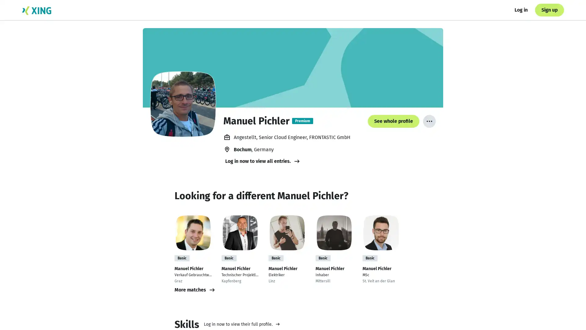  Describe the element at coordinates (183, 104) in the screenshot. I see `Manuel Pichler` at that location.